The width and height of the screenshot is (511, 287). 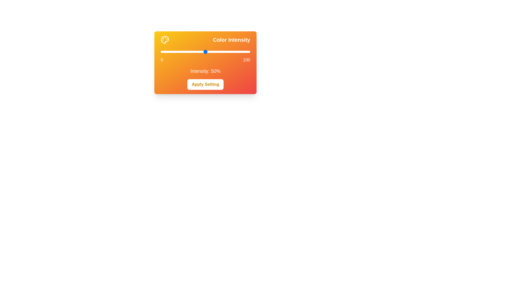 What do you see at coordinates (205, 84) in the screenshot?
I see `the 'Apply Setting' button to apply the current intensity` at bounding box center [205, 84].